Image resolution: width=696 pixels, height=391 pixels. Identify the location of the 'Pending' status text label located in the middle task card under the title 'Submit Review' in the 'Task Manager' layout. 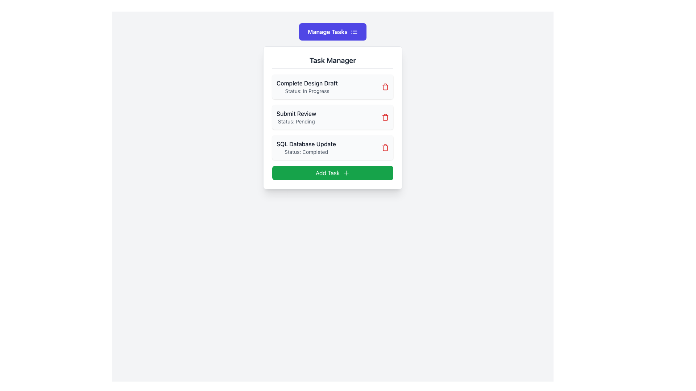
(296, 121).